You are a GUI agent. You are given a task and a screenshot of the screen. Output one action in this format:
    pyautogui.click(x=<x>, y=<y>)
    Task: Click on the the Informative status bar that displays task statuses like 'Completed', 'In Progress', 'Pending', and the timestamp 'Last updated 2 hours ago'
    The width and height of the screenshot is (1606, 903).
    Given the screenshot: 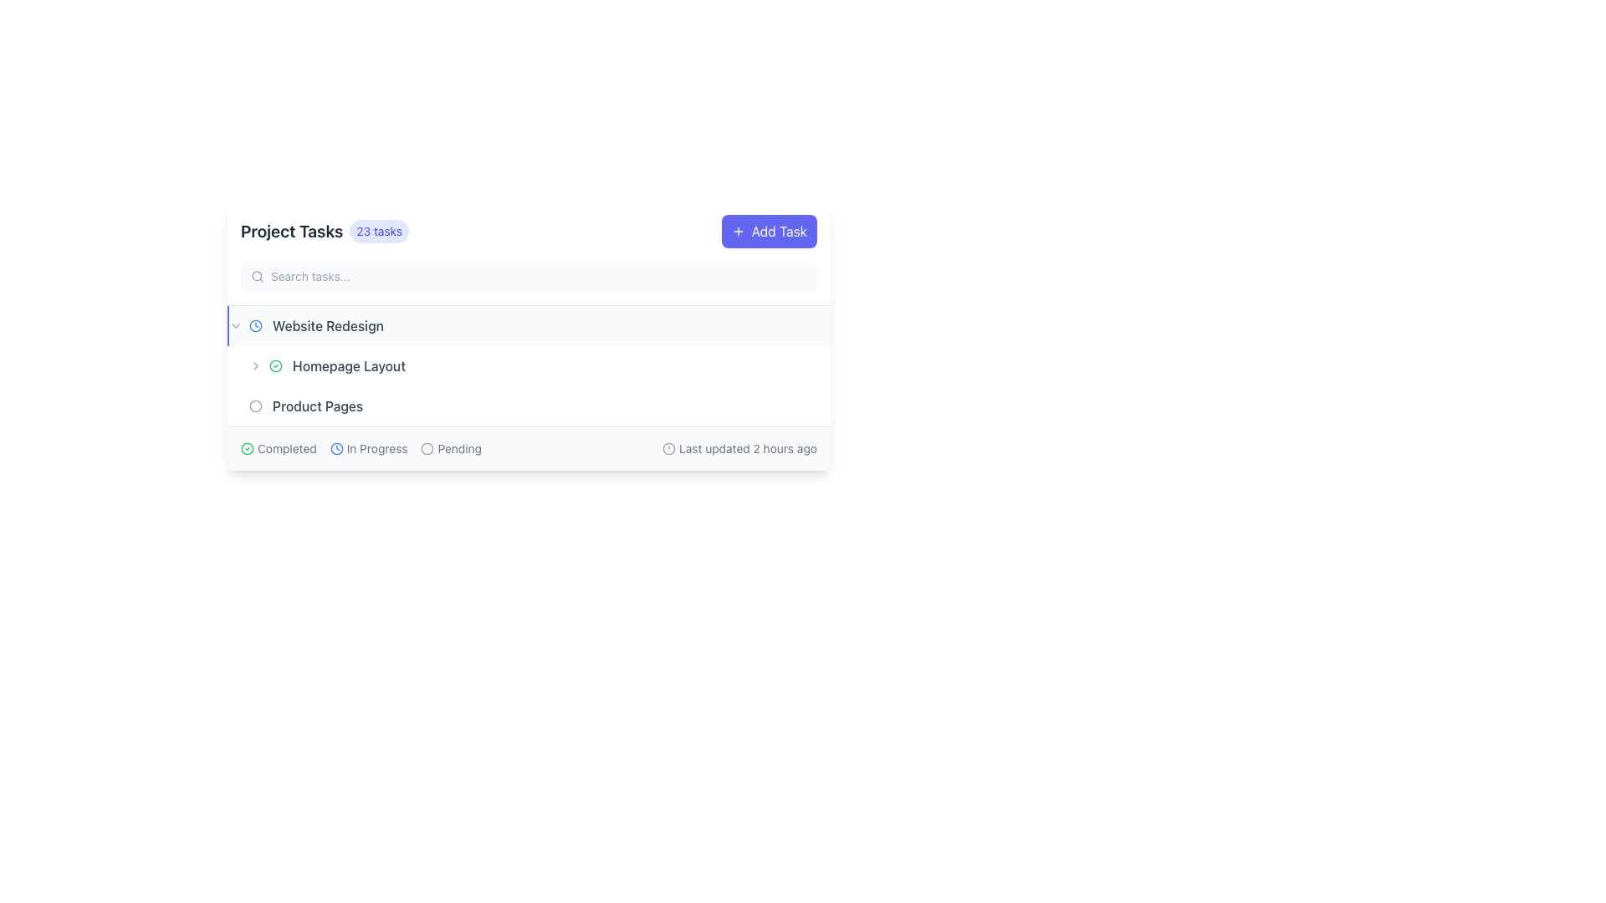 What is the action you would take?
    pyautogui.click(x=528, y=447)
    